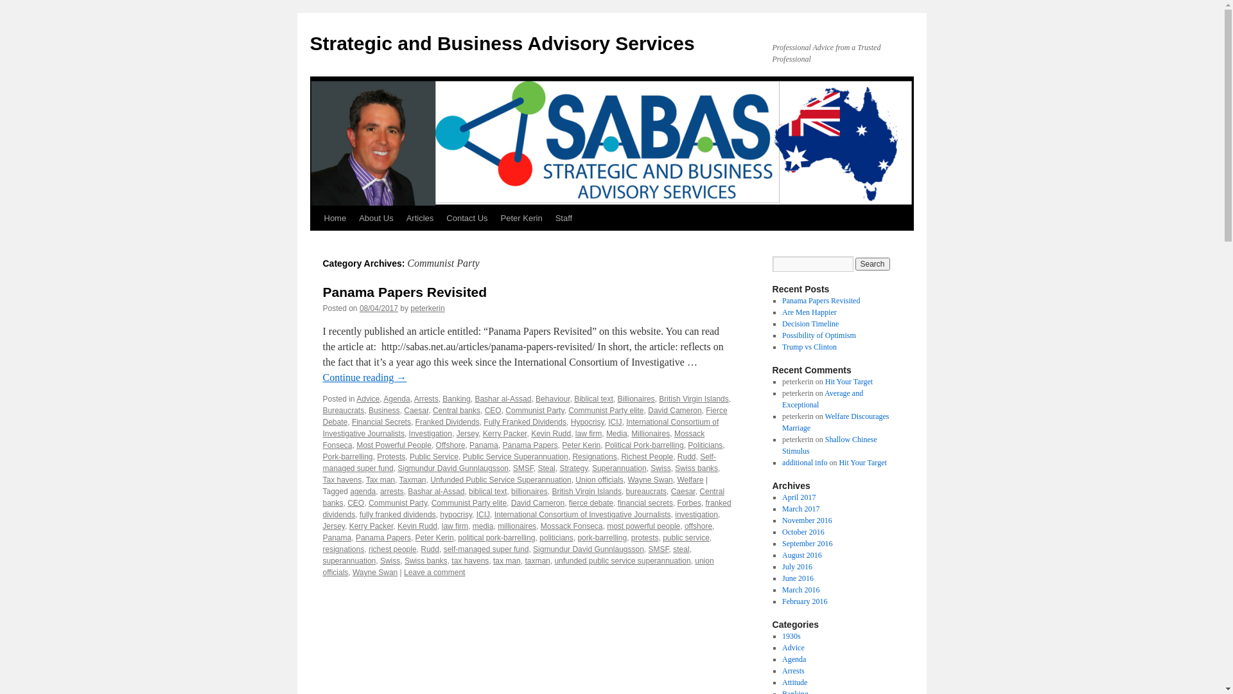 The width and height of the screenshot is (1233, 694). Describe the element at coordinates (349, 560) in the screenshot. I see `'superannuation'` at that location.